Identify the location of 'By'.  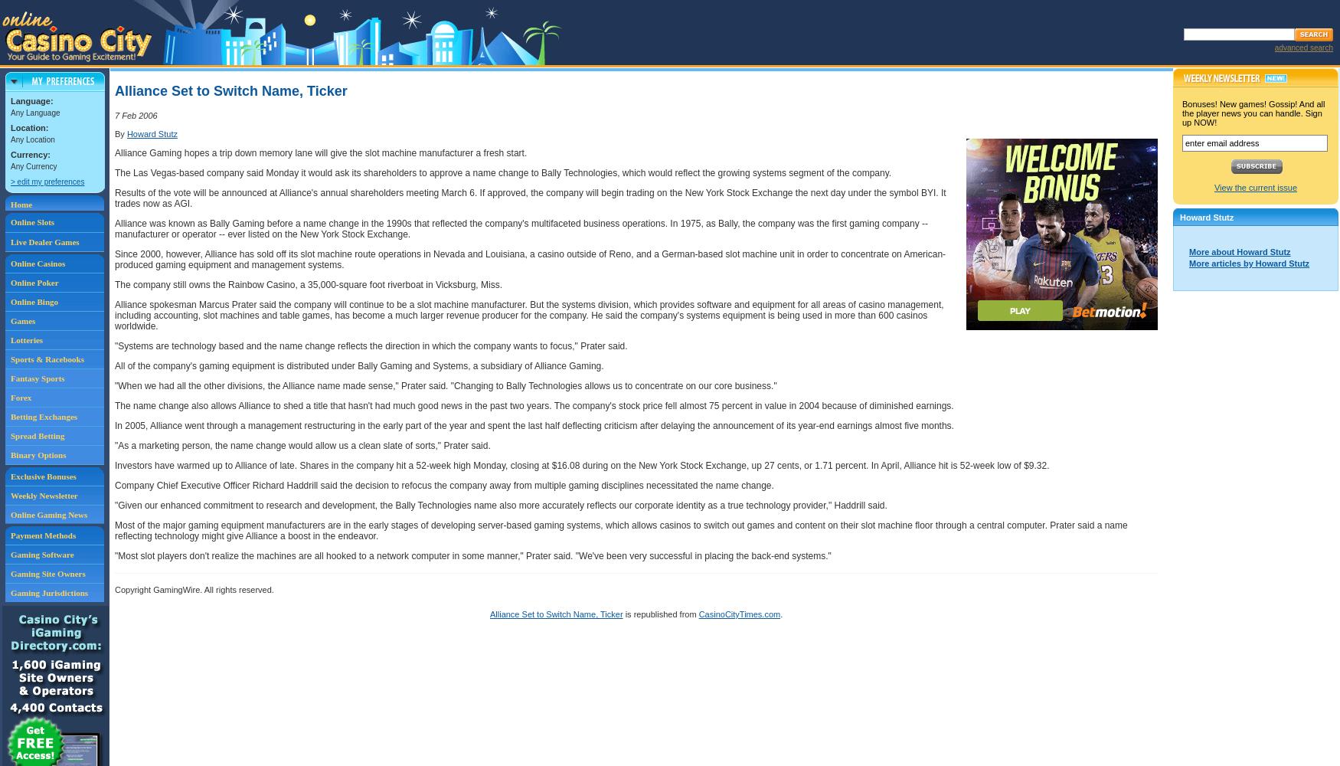
(119, 134).